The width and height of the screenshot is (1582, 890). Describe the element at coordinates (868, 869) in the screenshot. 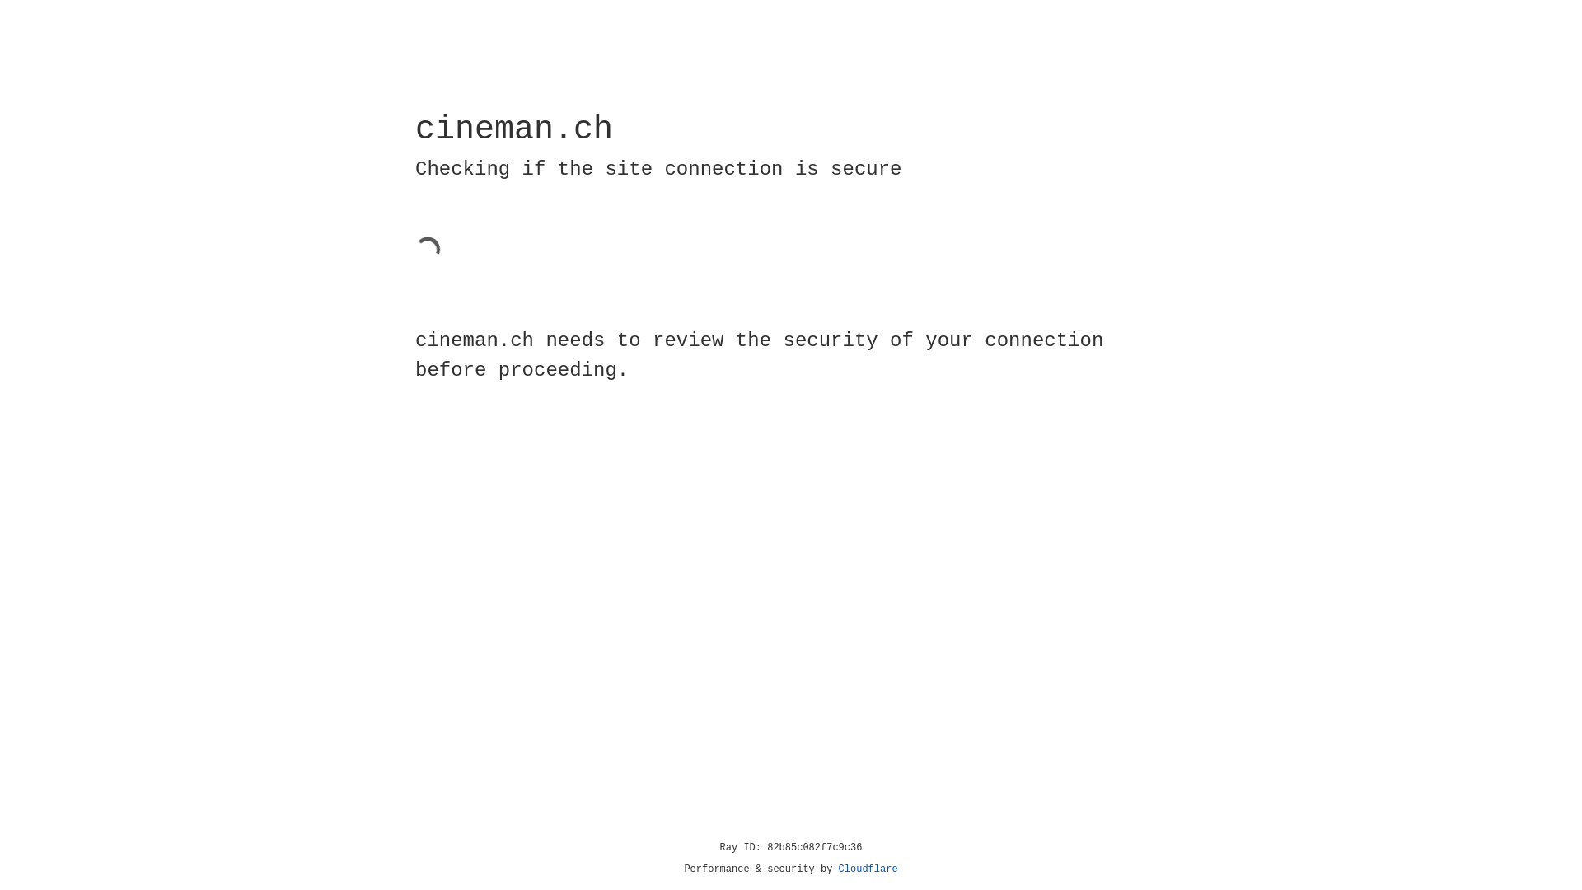

I see `'Cloudflare'` at that location.